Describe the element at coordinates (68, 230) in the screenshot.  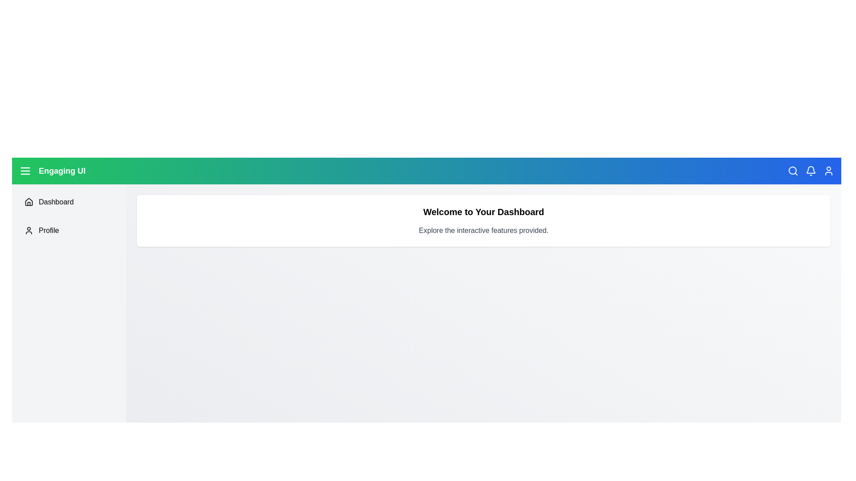
I see `the navigation item Profile in the sidebar` at that location.